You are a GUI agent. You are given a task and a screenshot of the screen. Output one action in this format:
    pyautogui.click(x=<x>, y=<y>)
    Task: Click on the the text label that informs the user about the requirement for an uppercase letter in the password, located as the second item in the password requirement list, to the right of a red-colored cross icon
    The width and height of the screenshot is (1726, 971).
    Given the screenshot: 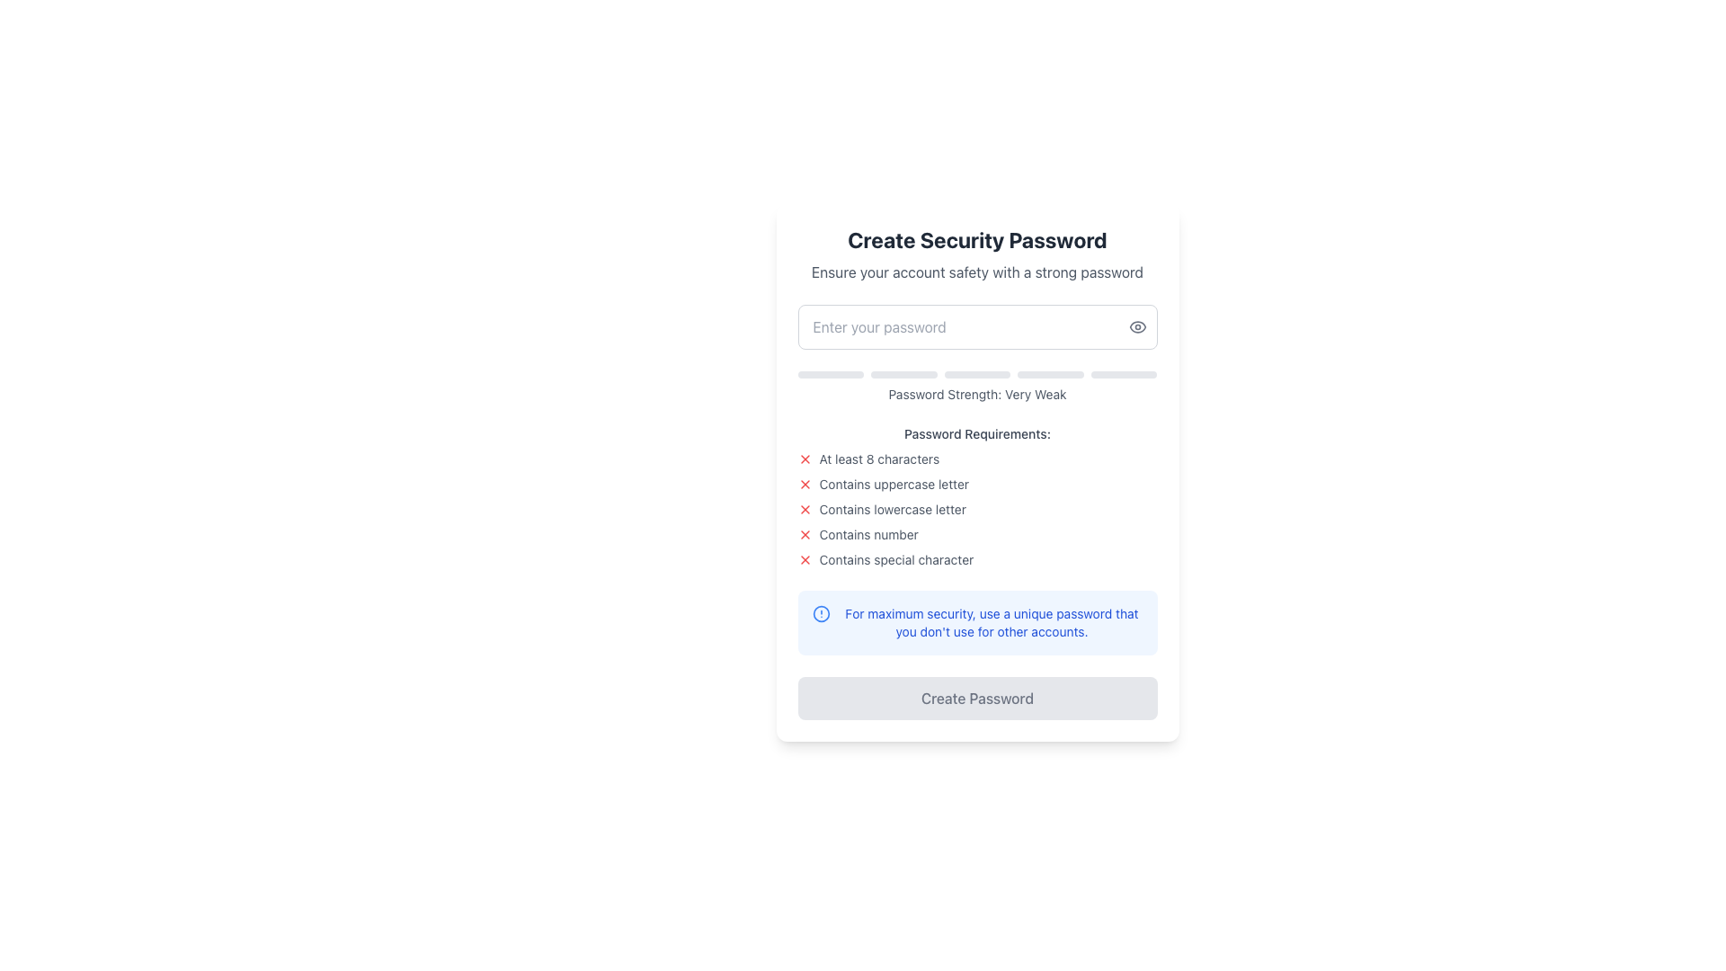 What is the action you would take?
    pyautogui.click(x=894, y=484)
    